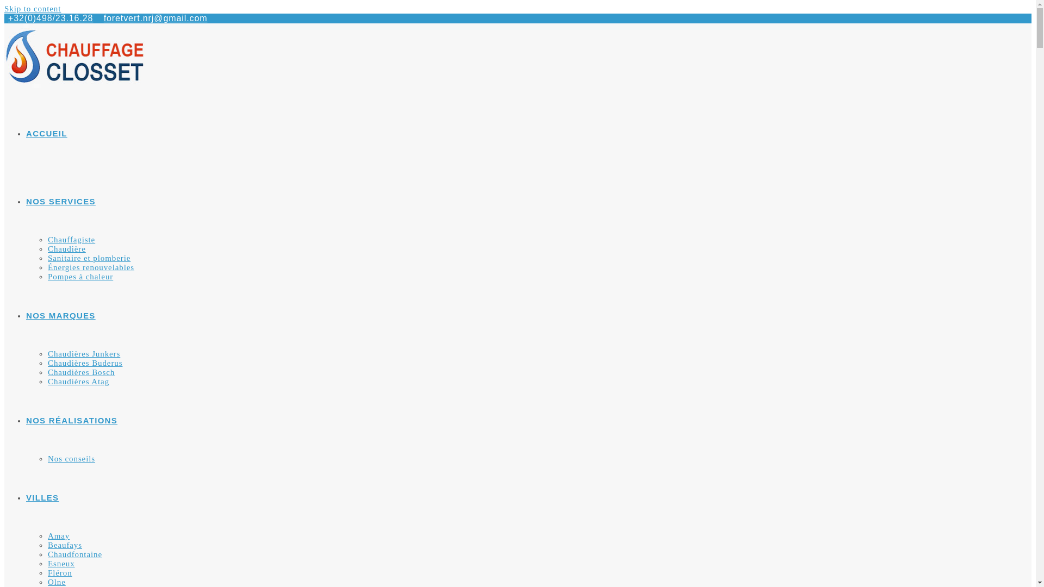 Image resolution: width=1044 pixels, height=587 pixels. Describe the element at coordinates (61, 563) in the screenshot. I see `'Esneux'` at that location.